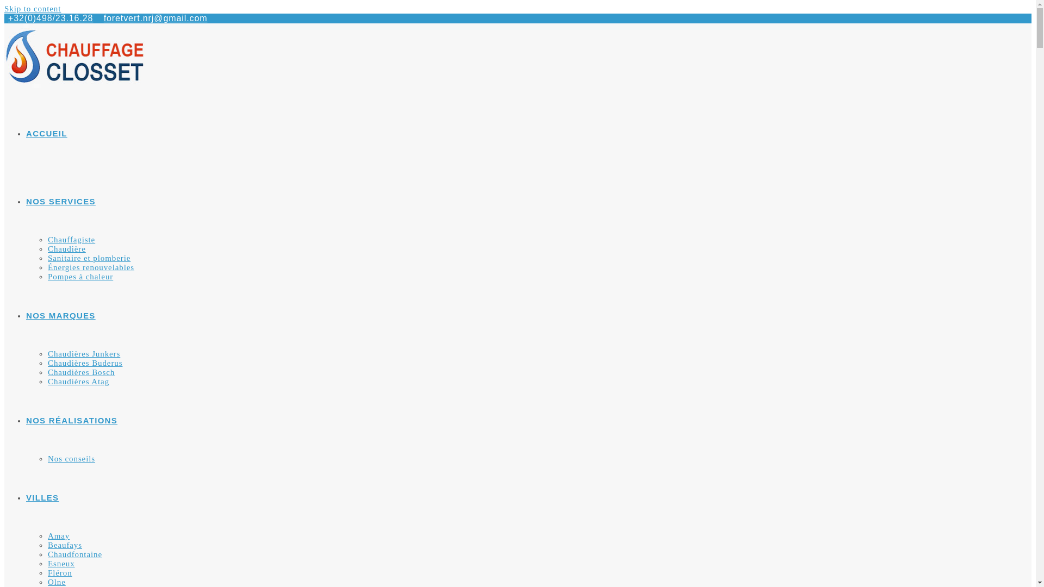 Image resolution: width=1044 pixels, height=587 pixels. Describe the element at coordinates (61, 563) in the screenshot. I see `'Esneux'` at that location.